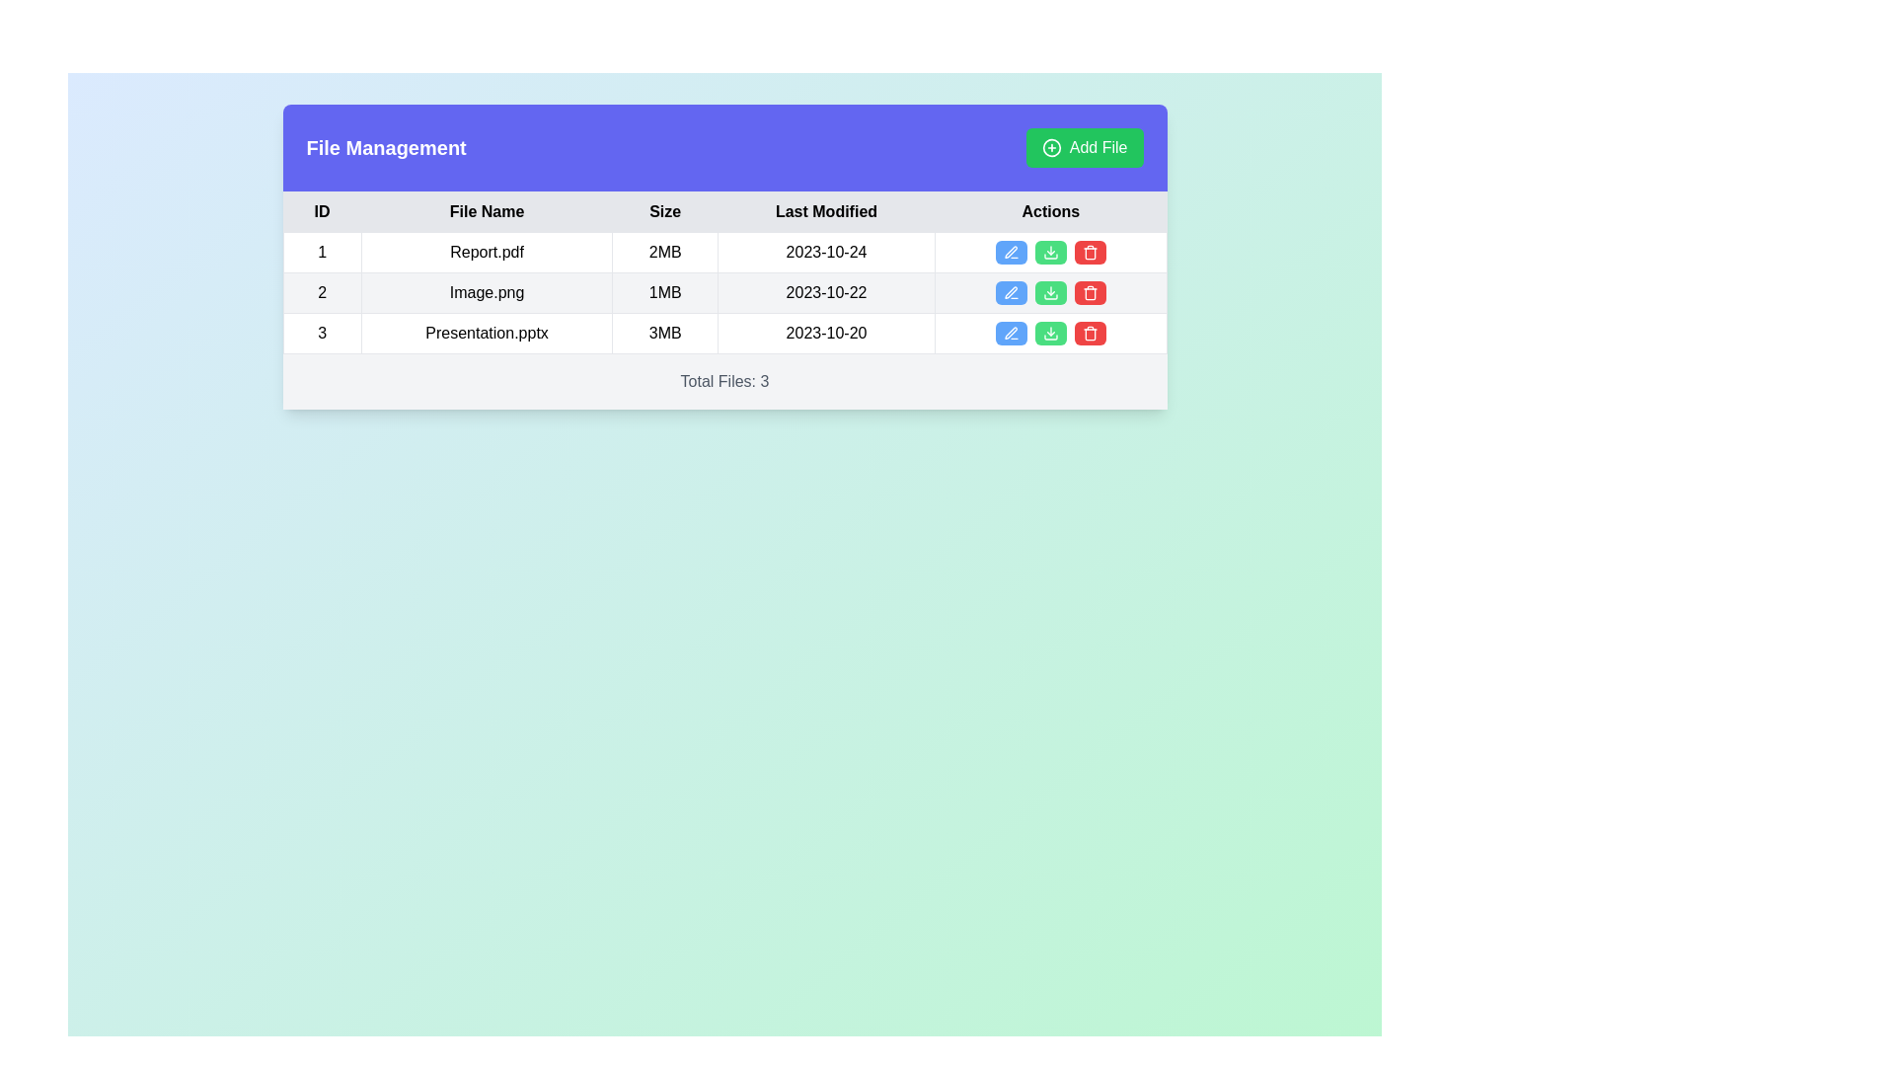  Describe the element at coordinates (665, 251) in the screenshot. I see `the non-interactive text display that shows the file size for 'Report.pdf' in the 'Size' column of the table` at that location.